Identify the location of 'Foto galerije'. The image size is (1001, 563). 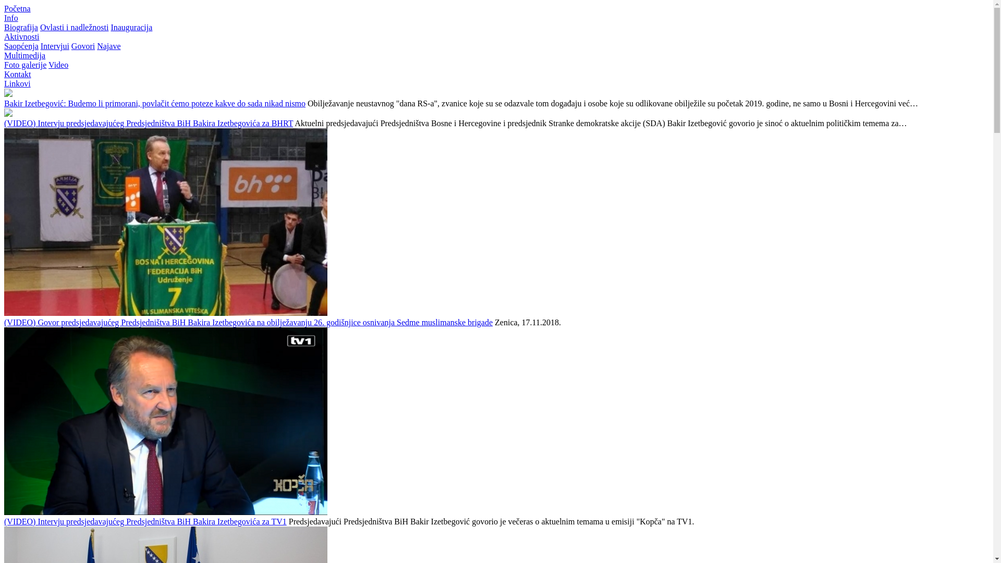
(4, 65).